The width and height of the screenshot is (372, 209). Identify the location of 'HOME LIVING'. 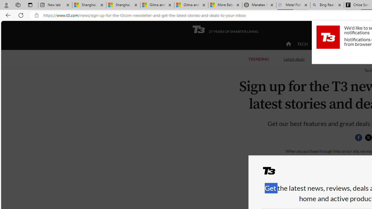
(358, 44).